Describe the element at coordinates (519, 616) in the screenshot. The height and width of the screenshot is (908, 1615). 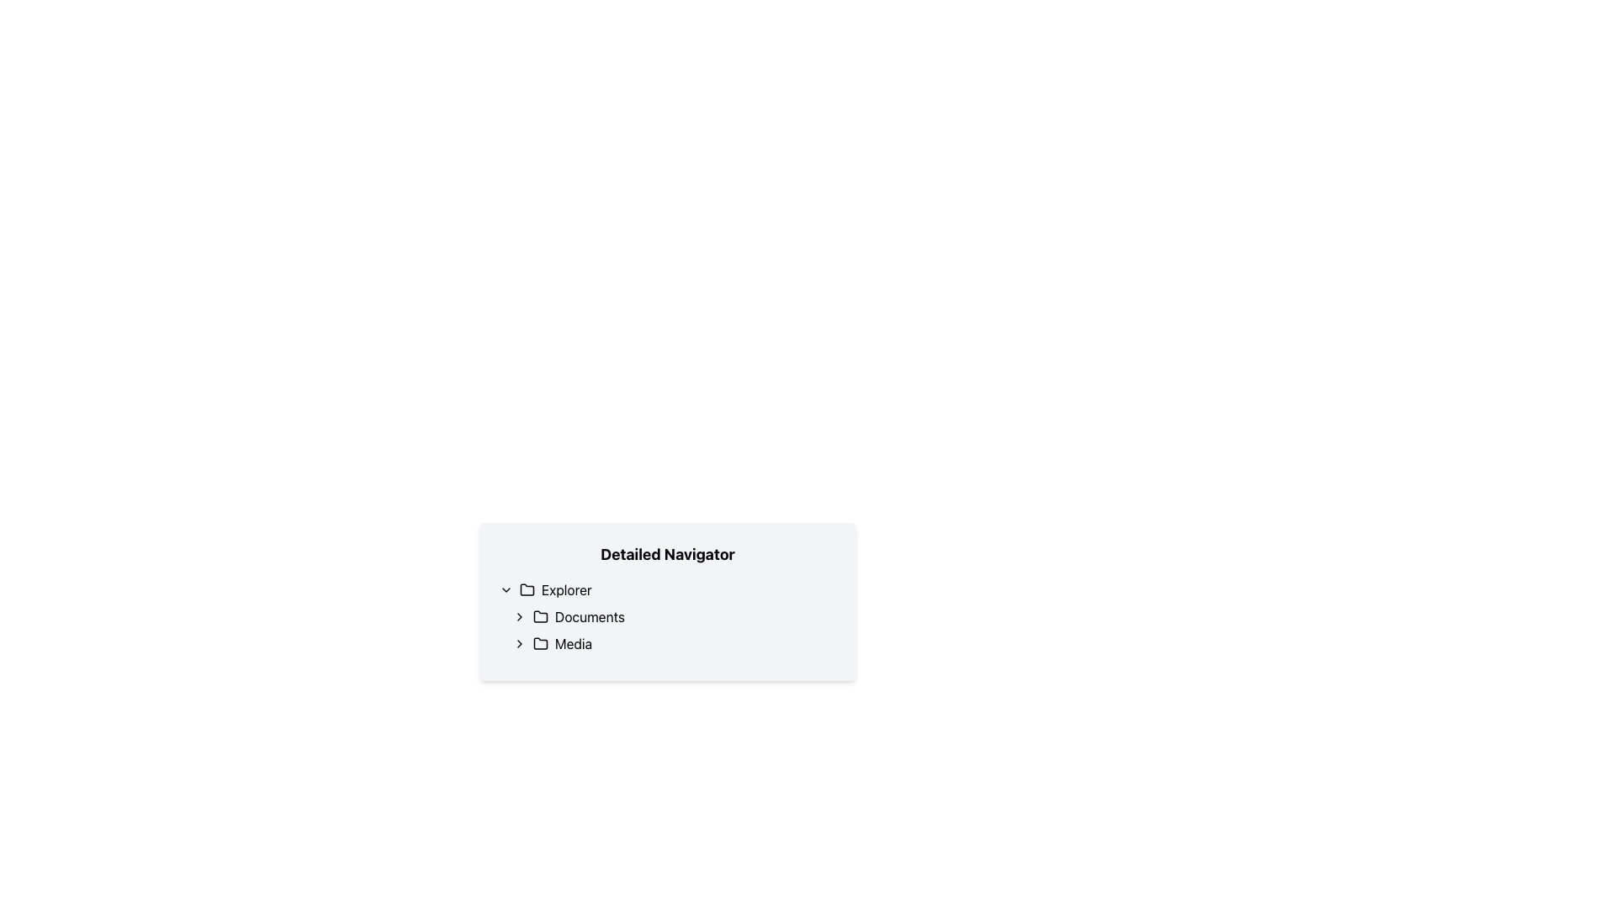
I see `the right-pointing arrow icon located in the 'Documents' section` at that location.